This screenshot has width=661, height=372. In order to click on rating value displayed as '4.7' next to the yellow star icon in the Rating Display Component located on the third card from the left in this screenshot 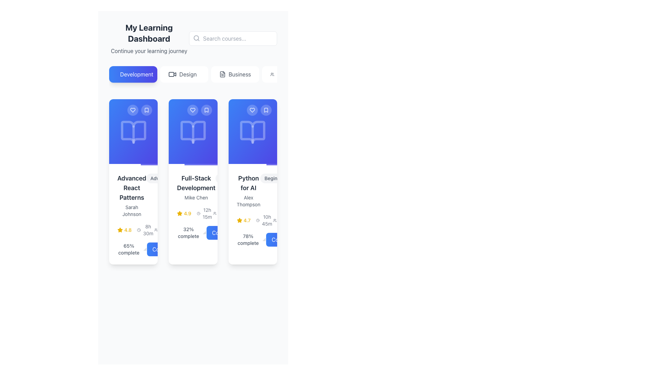, I will do `click(243, 220)`.